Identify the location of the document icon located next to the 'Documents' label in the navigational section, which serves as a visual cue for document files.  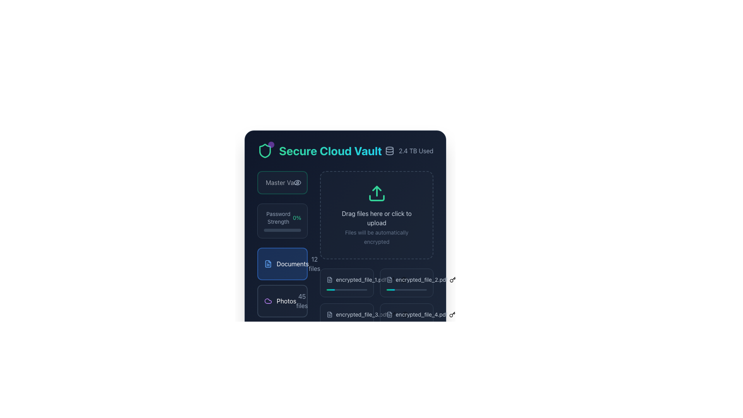
(389, 279).